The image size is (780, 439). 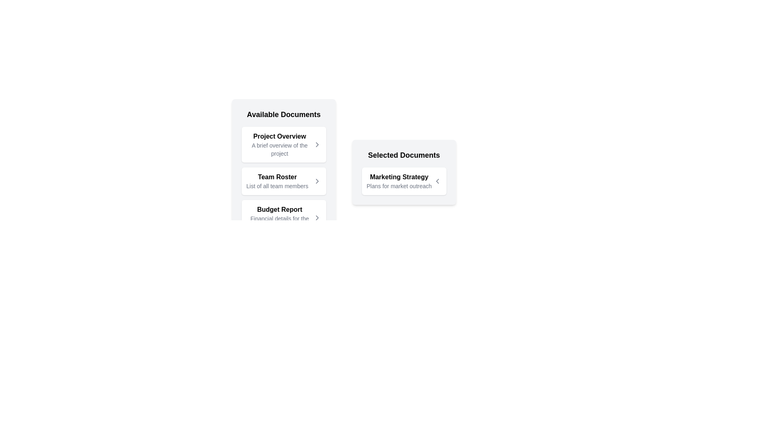 I want to click on the arrow button next to the document Marketing Strategy to view its details, so click(x=437, y=181).